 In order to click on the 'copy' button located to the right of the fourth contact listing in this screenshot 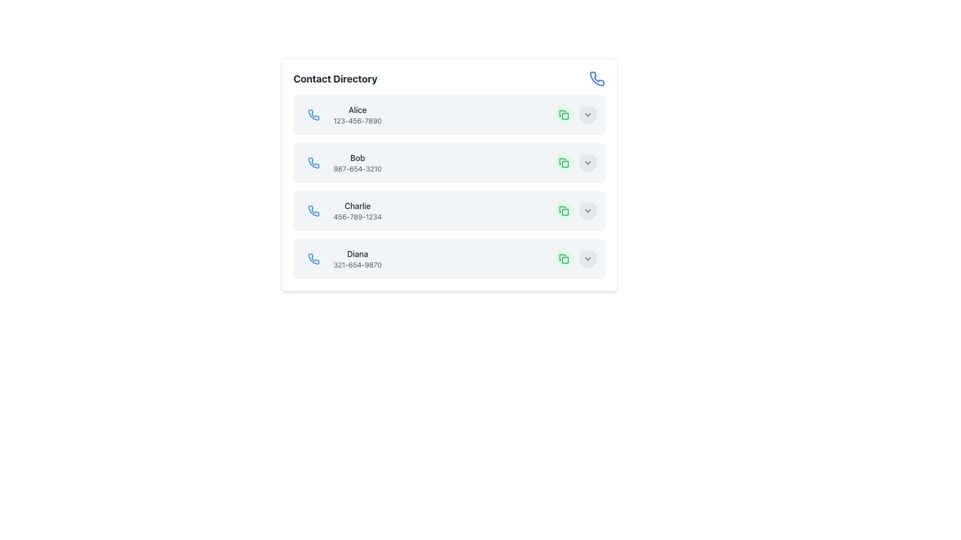, I will do `click(564, 258)`.